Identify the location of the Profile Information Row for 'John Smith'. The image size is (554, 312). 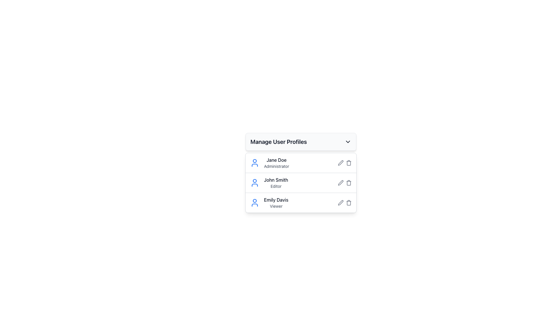
(269, 183).